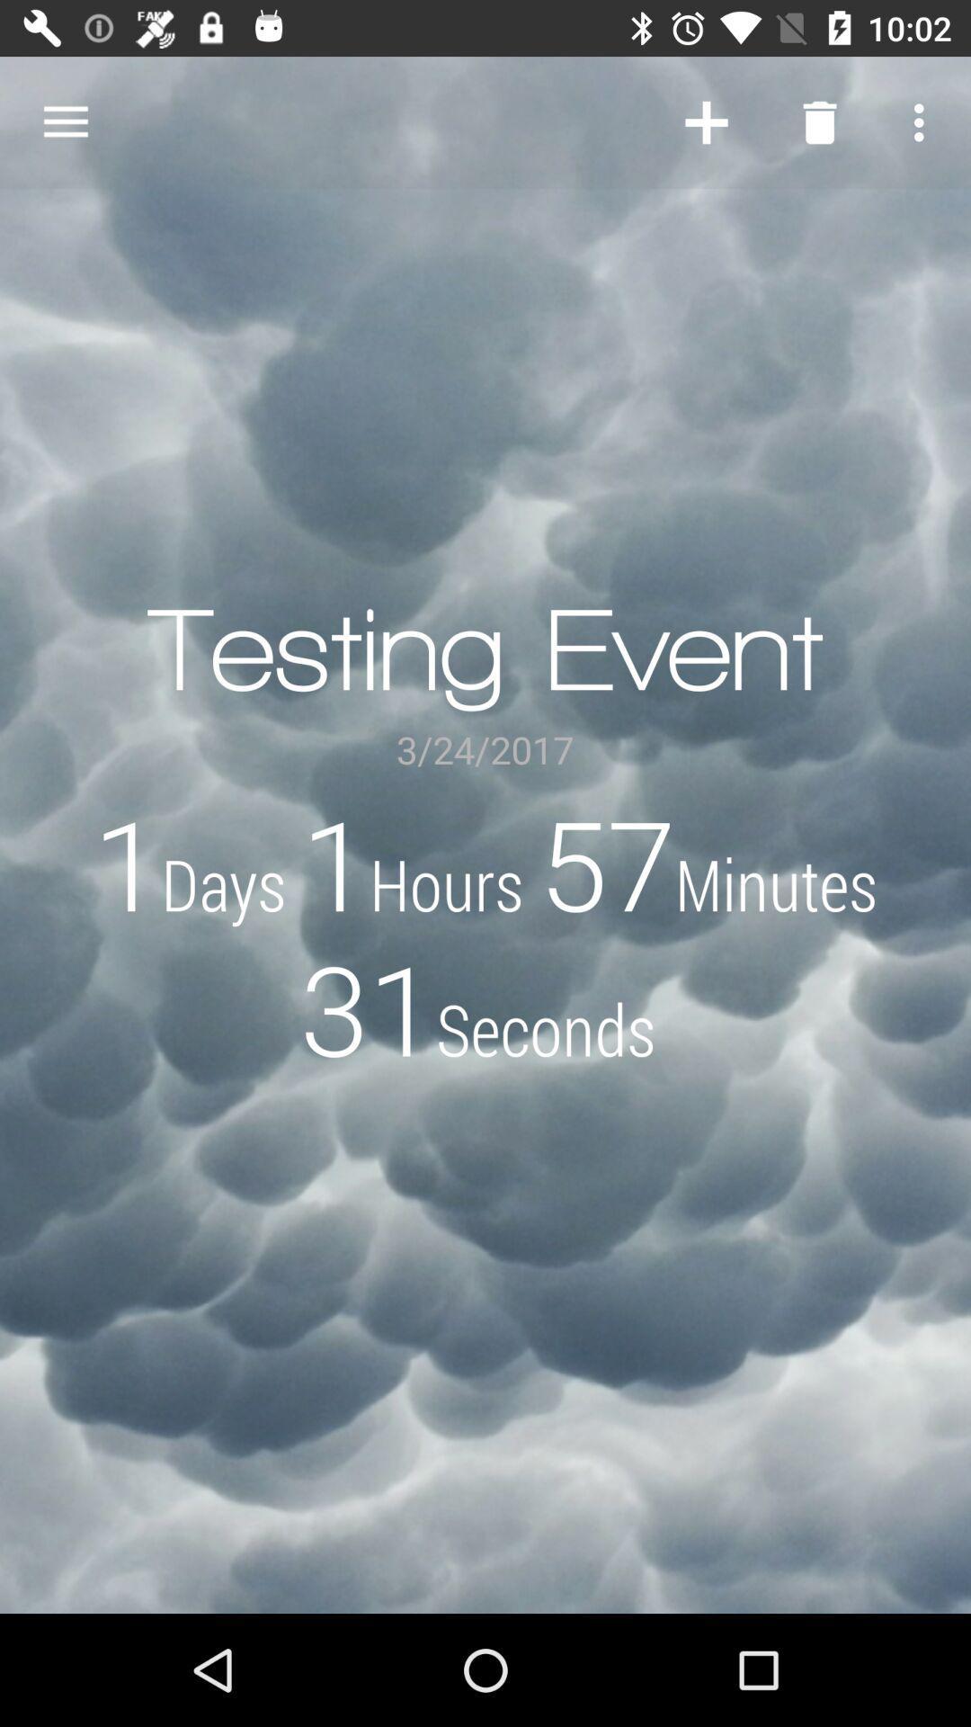 This screenshot has height=1727, width=971. Describe the element at coordinates (65, 121) in the screenshot. I see `the item at the top left corner` at that location.